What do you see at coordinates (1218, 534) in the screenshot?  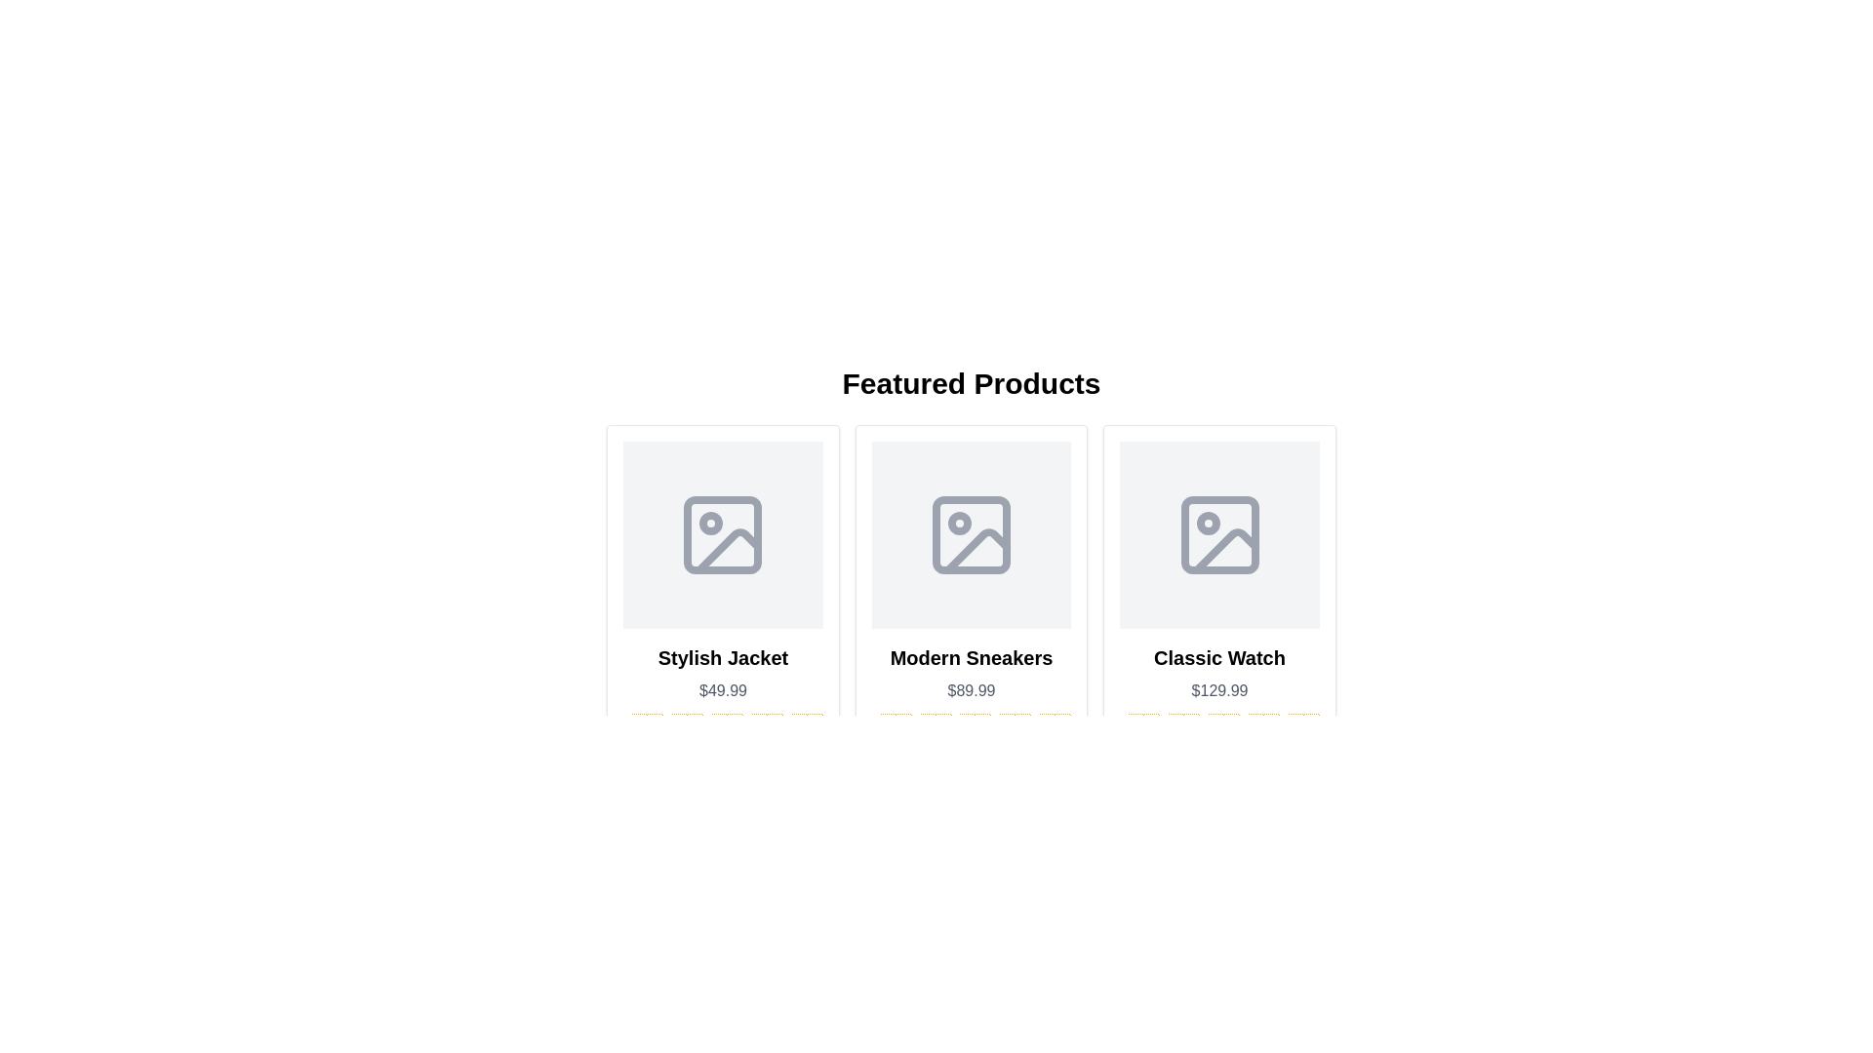 I see `the icon representing the 'Classic Watch' product, which is a light gray icon with rounded corners, a circle in the top-left, and a diagonal line from bottom-left to top-right, centered in the third card of the 'Featured Products' section` at bounding box center [1218, 534].